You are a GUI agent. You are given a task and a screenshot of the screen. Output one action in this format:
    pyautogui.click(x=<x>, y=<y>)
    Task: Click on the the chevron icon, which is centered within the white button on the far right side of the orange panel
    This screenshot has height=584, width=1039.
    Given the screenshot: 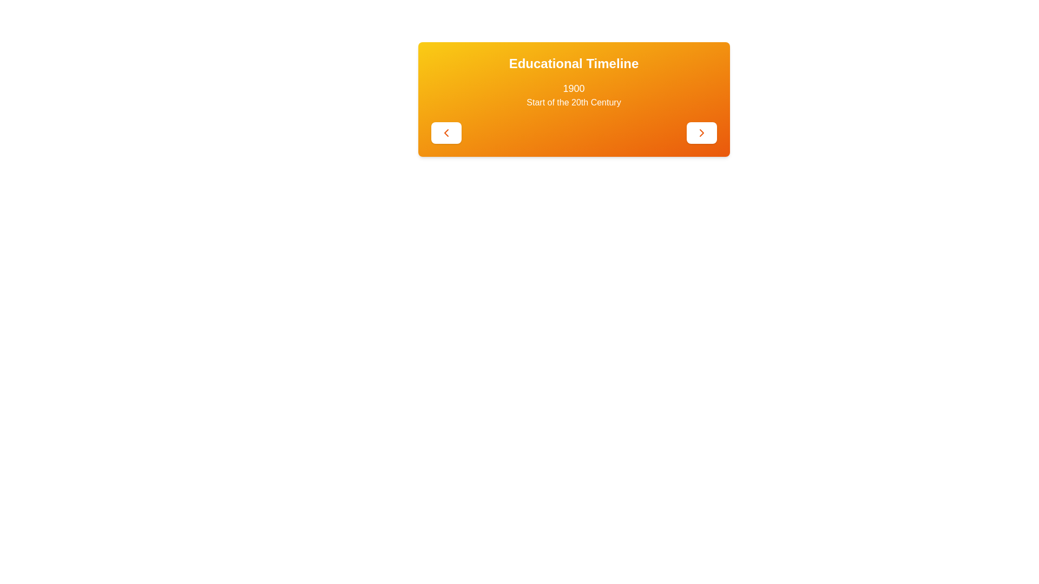 What is the action you would take?
    pyautogui.click(x=701, y=132)
    